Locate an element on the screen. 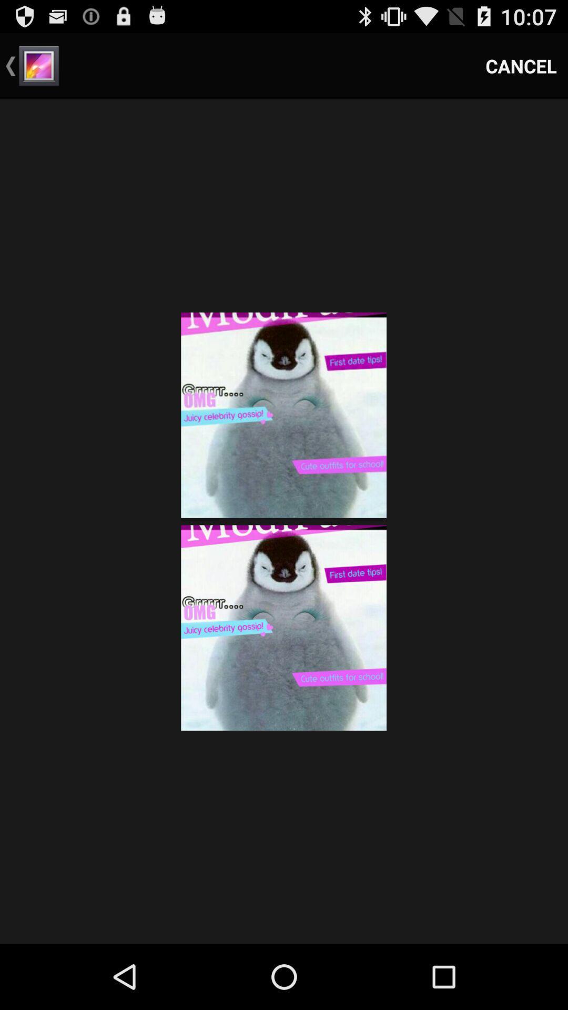 The width and height of the screenshot is (568, 1010). cancel at the top right corner is located at coordinates (521, 65).